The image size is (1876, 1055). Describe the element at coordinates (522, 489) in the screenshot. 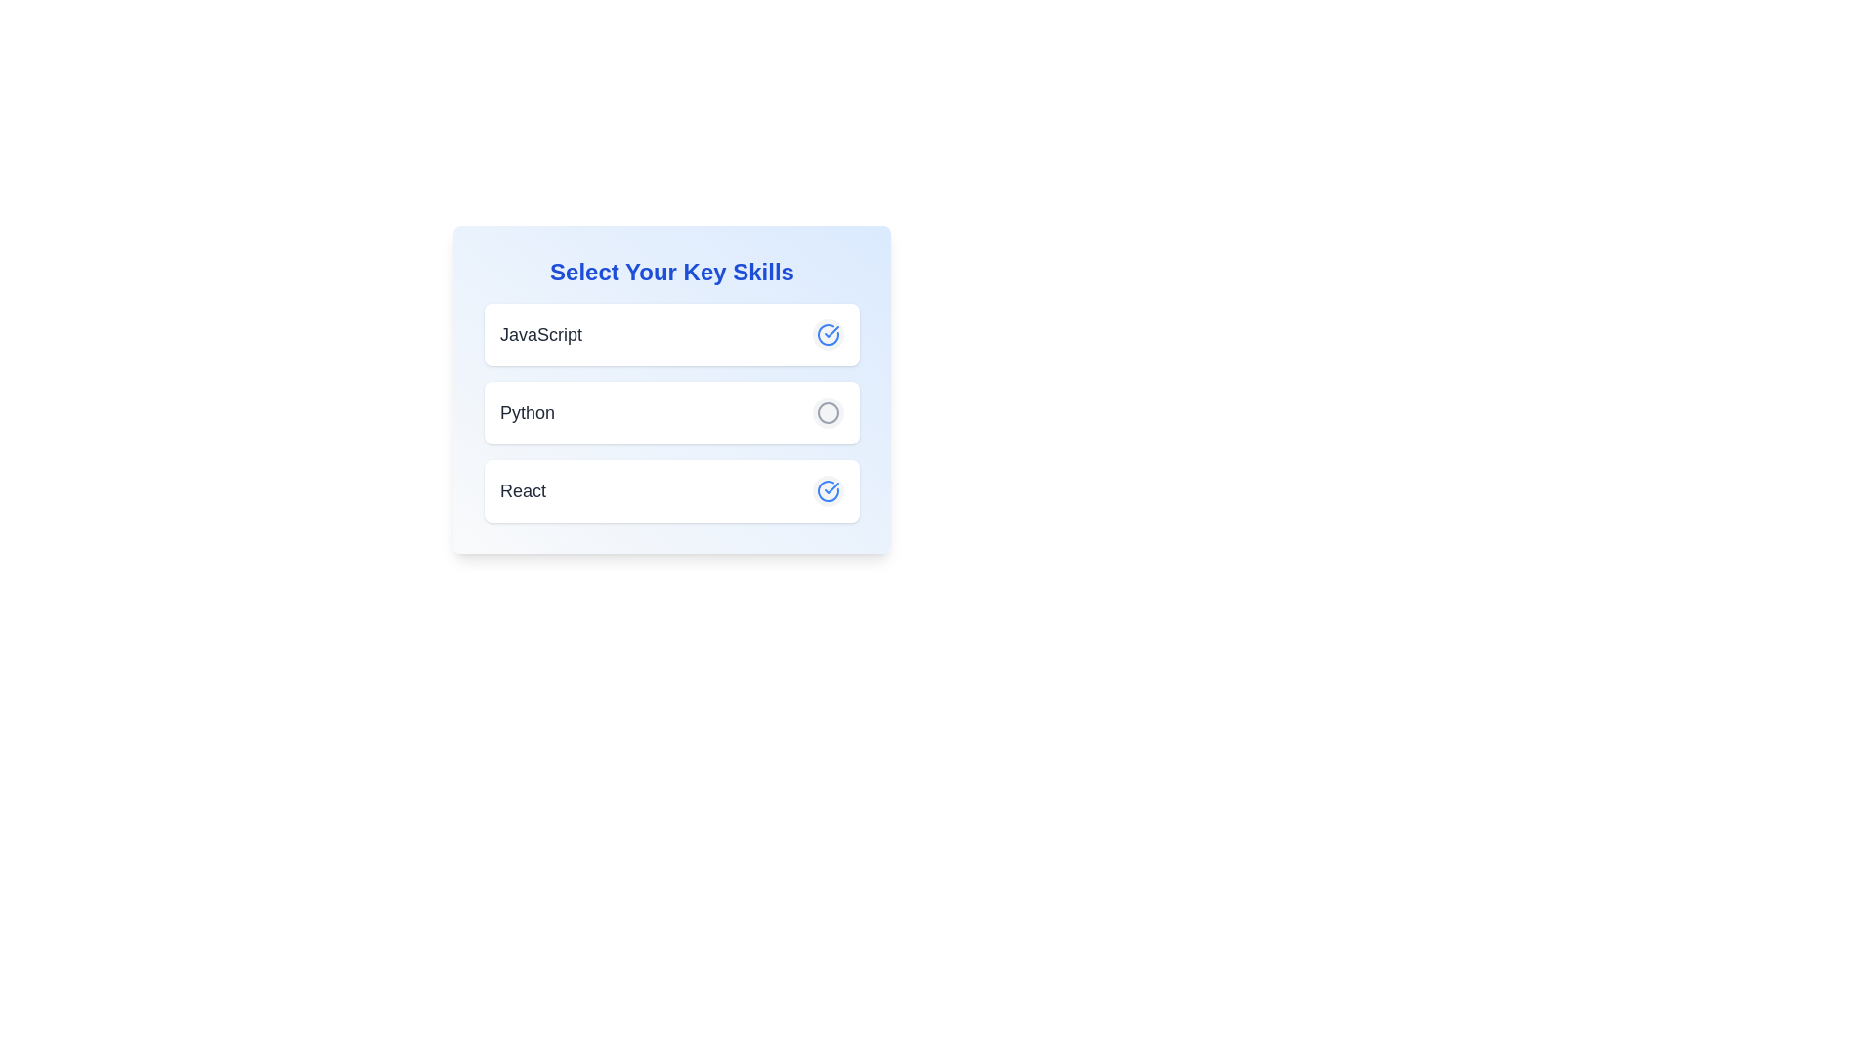

I see `the label of the skill React in the skill list` at that location.